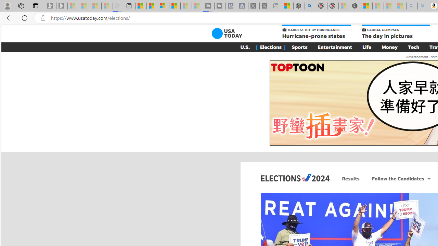 The image size is (438, 246). What do you see at coordinates (355, 6) in the screenshot?
I see `'Nordace - Nordace Siena Is Not An Ordinary Backpack'` at bounding box center [355, 6].